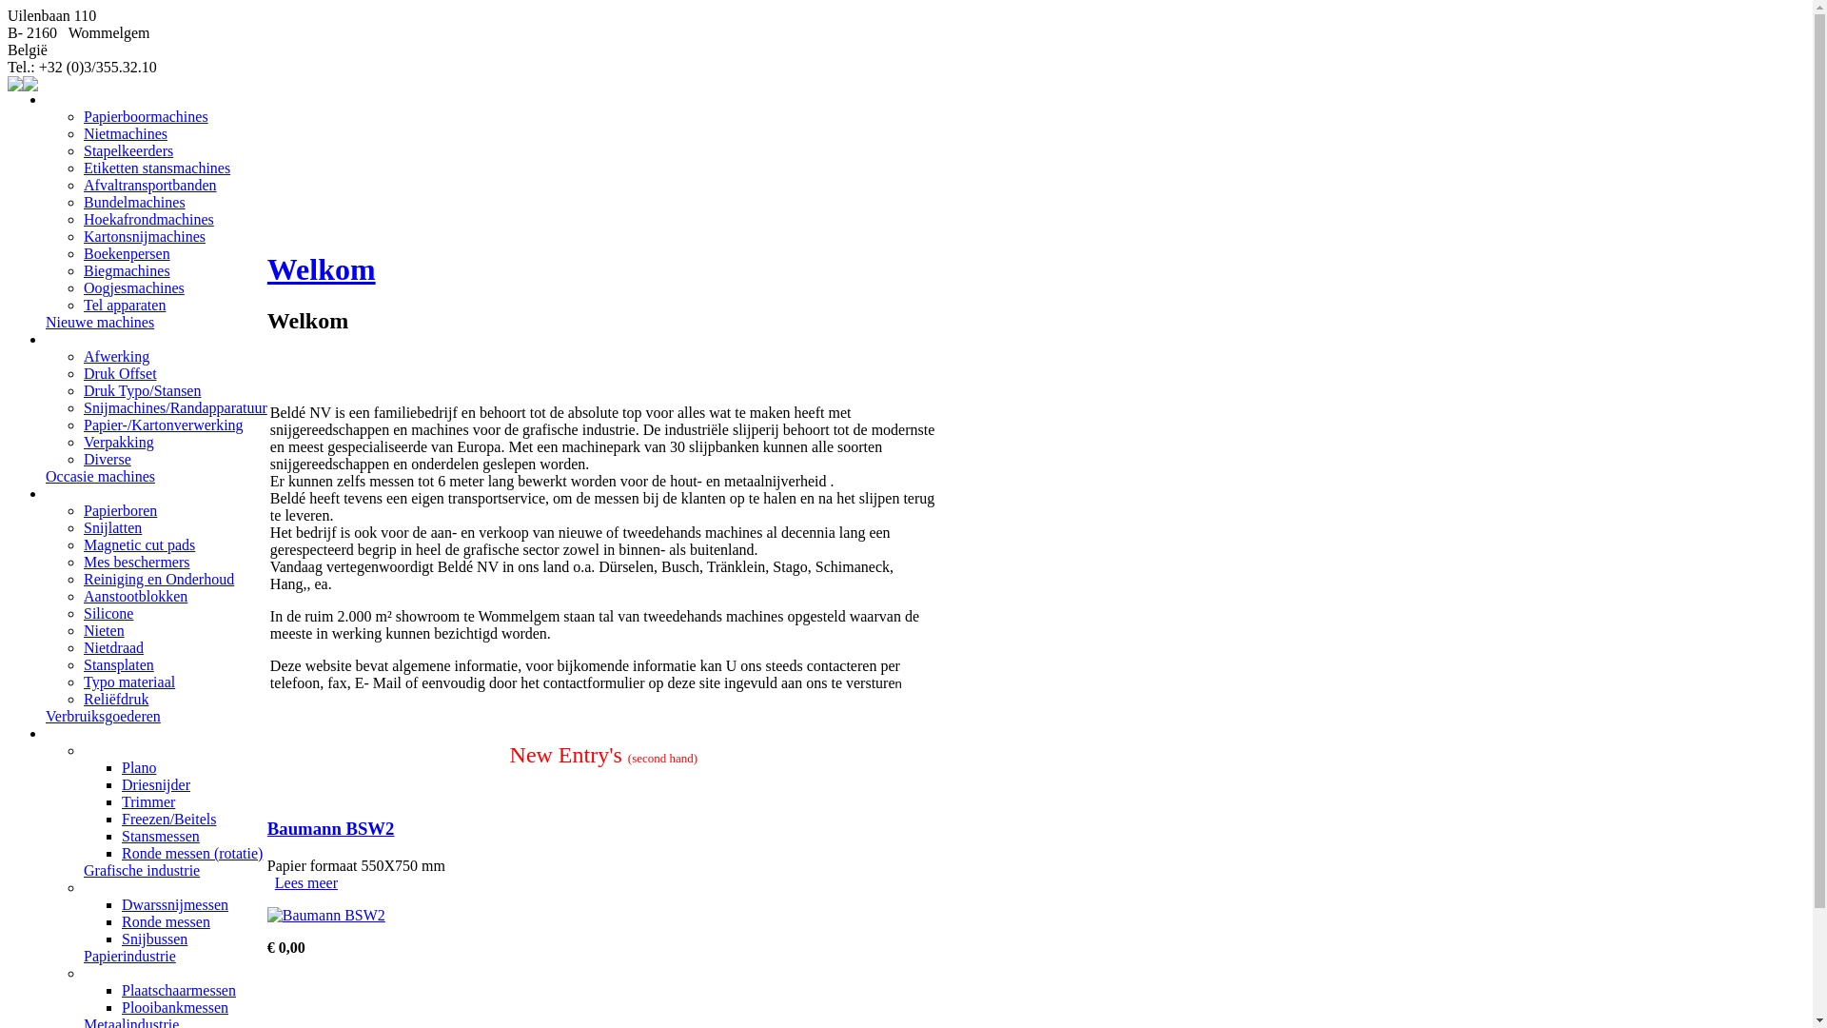  What do you see at coordinates (138, 544) in the screenshot?
I see `'Magnetic cut pads'` at bounding box center [138, 544].